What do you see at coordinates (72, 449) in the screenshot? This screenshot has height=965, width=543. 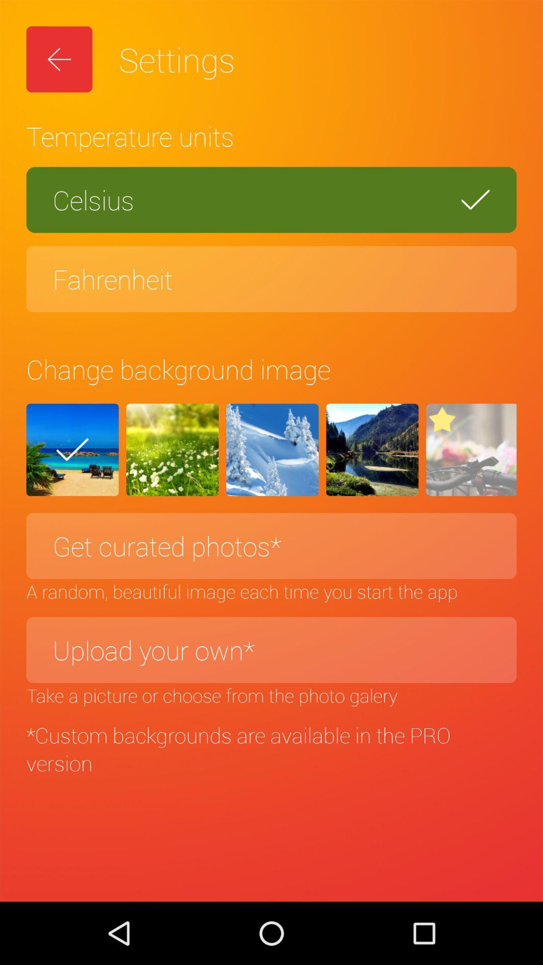 I see `the check icon` at bounding box center [72, 449].